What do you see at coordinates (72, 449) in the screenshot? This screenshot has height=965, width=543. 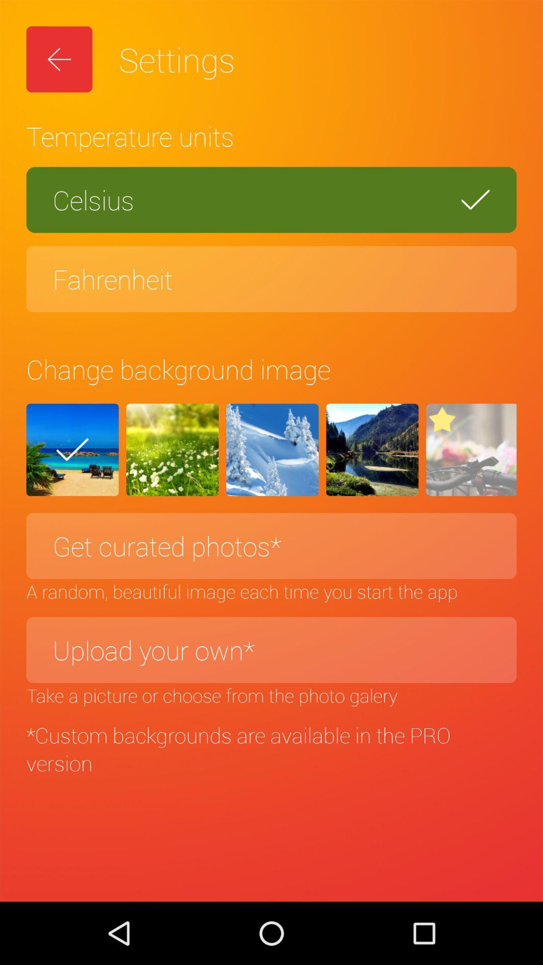 I see `the check icon` at bounding box center [72, 449].